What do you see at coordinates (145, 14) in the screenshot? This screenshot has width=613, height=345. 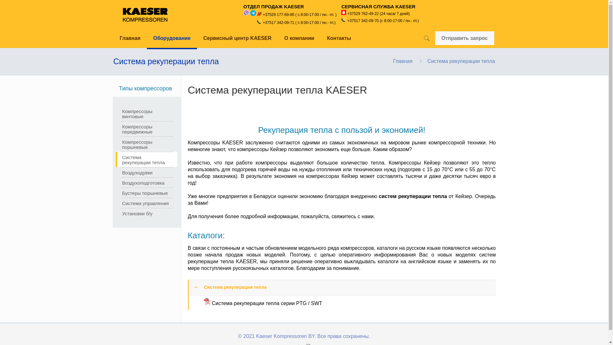 I see `'Kaeser Kompressoren BY'` at bounding box center [145, 14].